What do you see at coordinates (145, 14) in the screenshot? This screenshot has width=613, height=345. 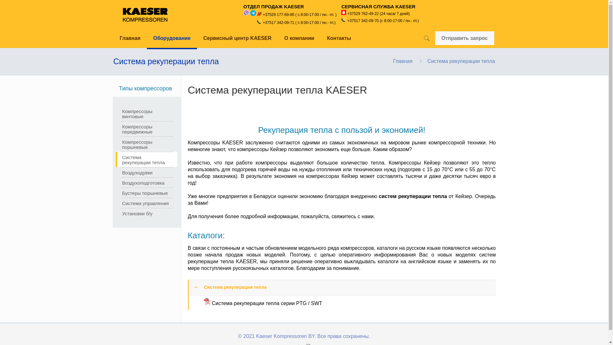 I see `'Kaeser Kompressoren BY'` at bounding box center [145, 14].